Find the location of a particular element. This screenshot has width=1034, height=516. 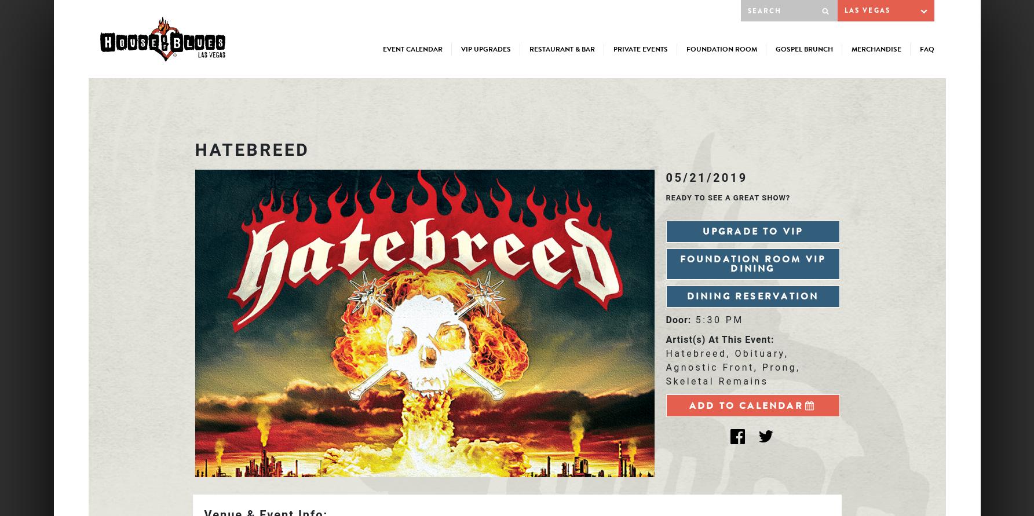

'HATEBREED' is located at coordinates (251, 149).